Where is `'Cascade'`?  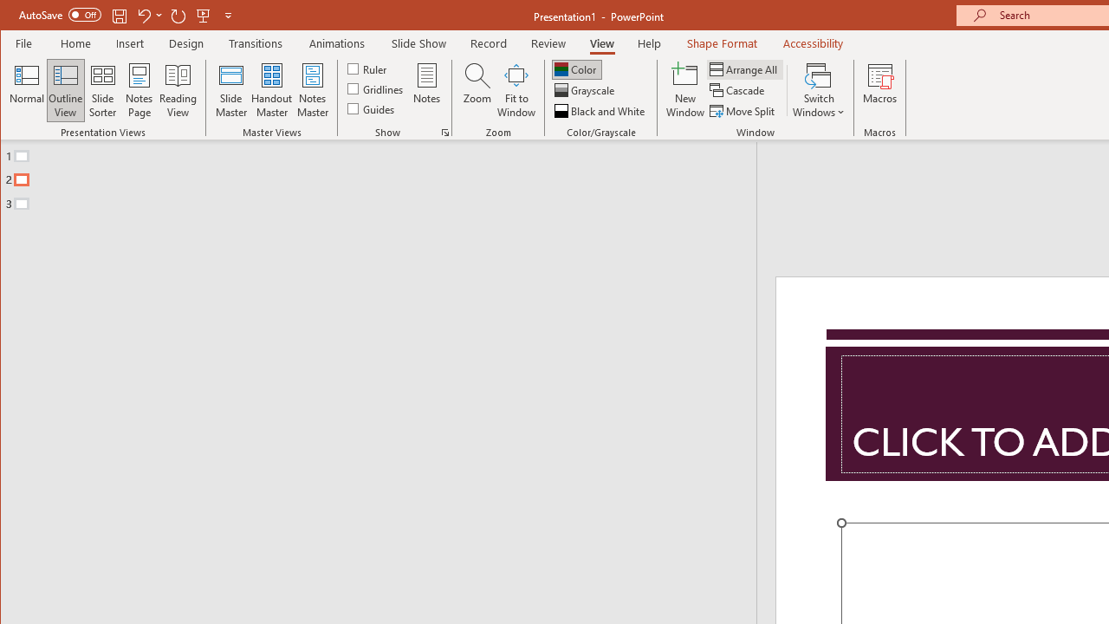
'Cascade' is located at coordinates (739, 90).